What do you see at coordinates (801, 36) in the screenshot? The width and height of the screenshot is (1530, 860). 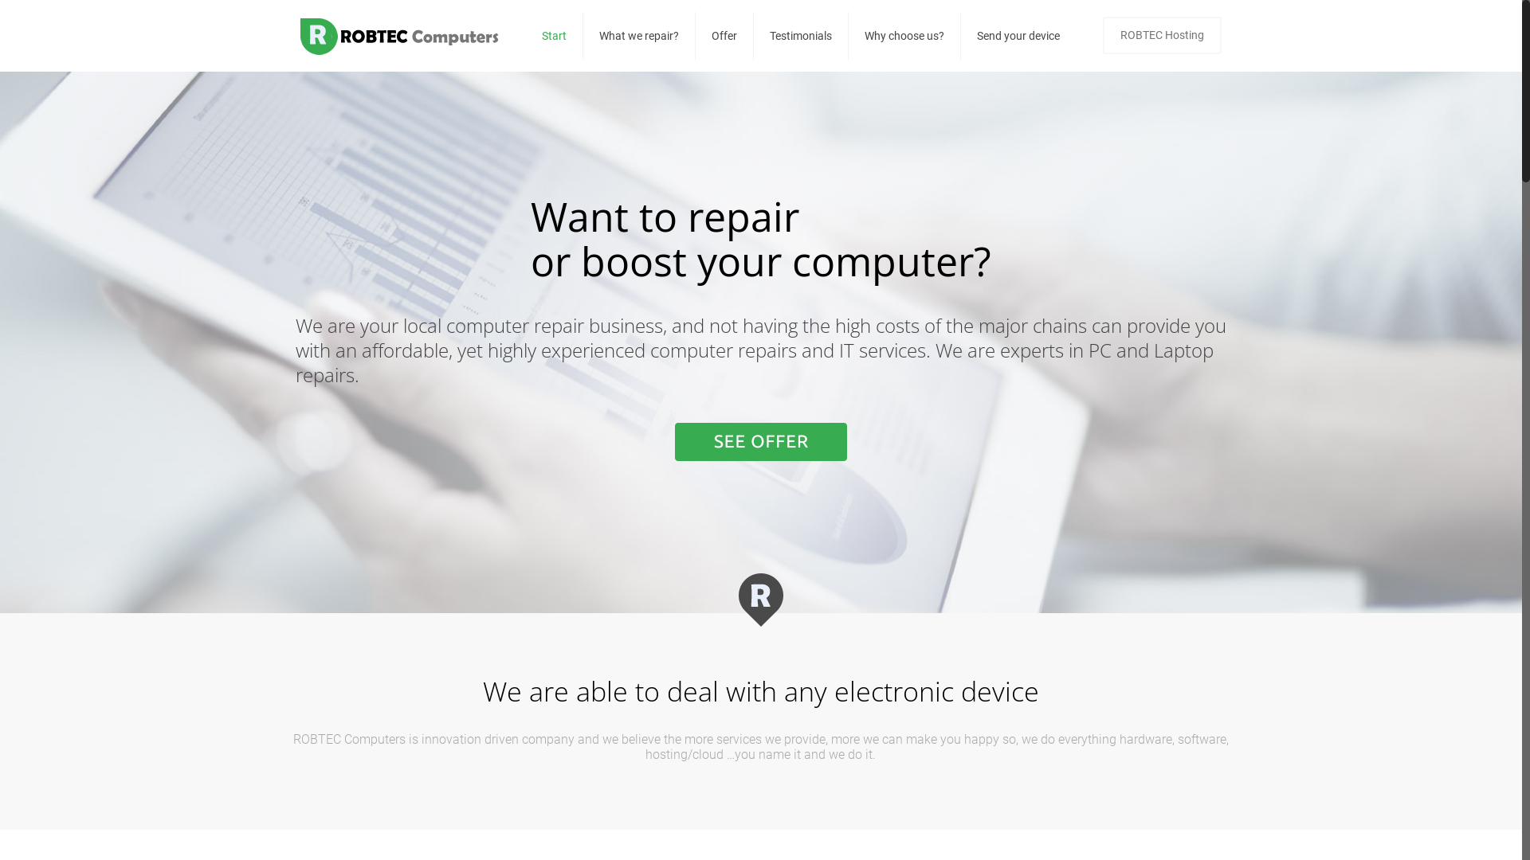 I see `'Testimonials'` at bounding box center [801, 36].